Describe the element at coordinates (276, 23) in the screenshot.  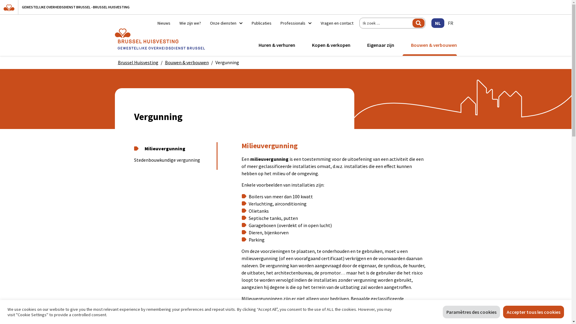
I see `'Professionals'` at that location.